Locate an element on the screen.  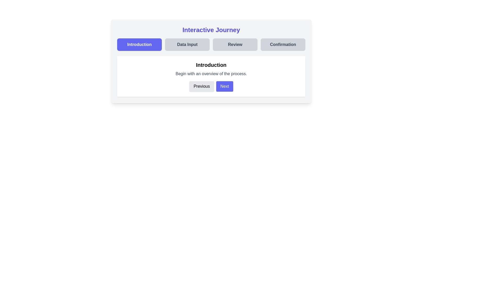
the header navigation step labeled 'Data Input' to navigate to that step is located at coordinates (187, 44).